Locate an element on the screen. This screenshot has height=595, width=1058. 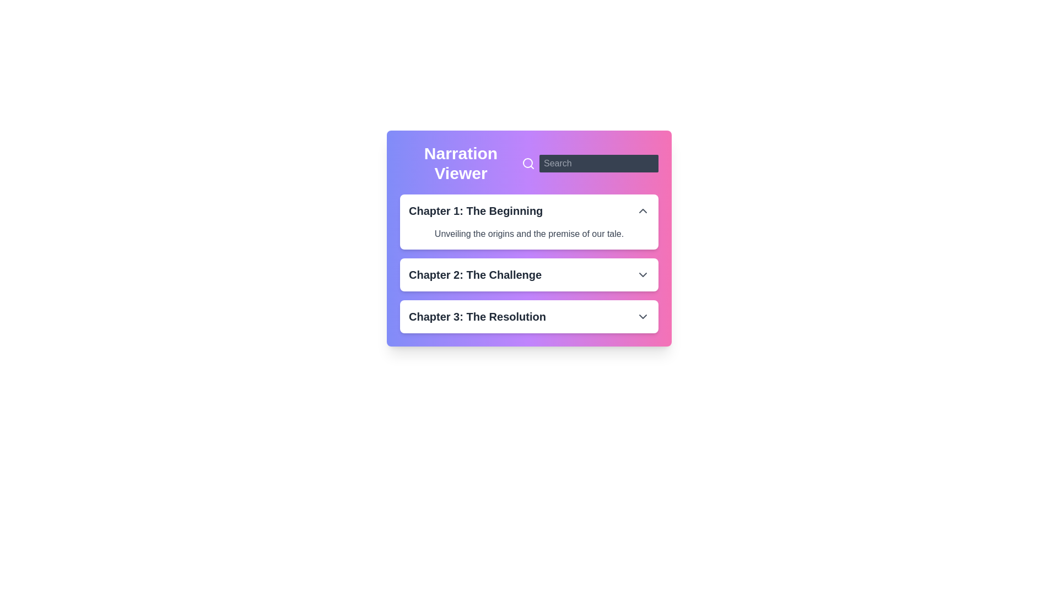
the interactive section heading for 'Chapter 2' in the collapsible card is located at coordinates (529, 274).